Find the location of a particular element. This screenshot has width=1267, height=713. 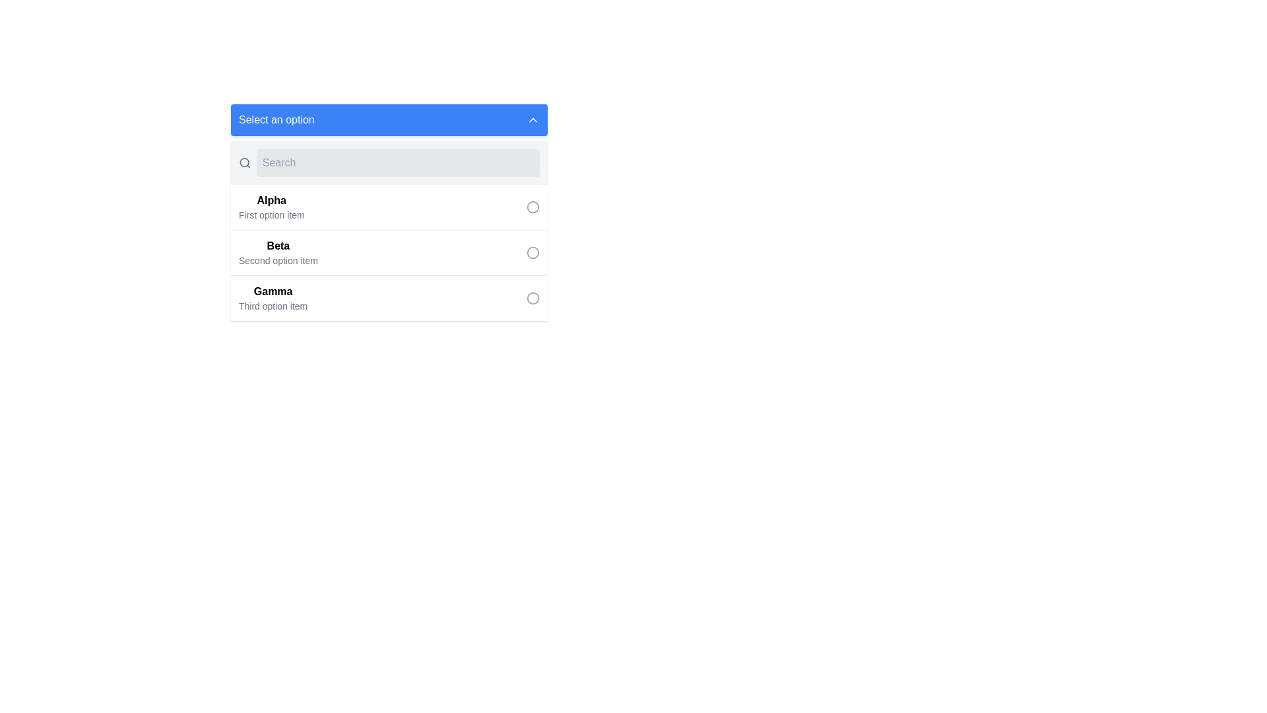

the radio button element for the 'Alpha' option located towards the right end of the first option row in the selection group is located at coordinates (533, 207).